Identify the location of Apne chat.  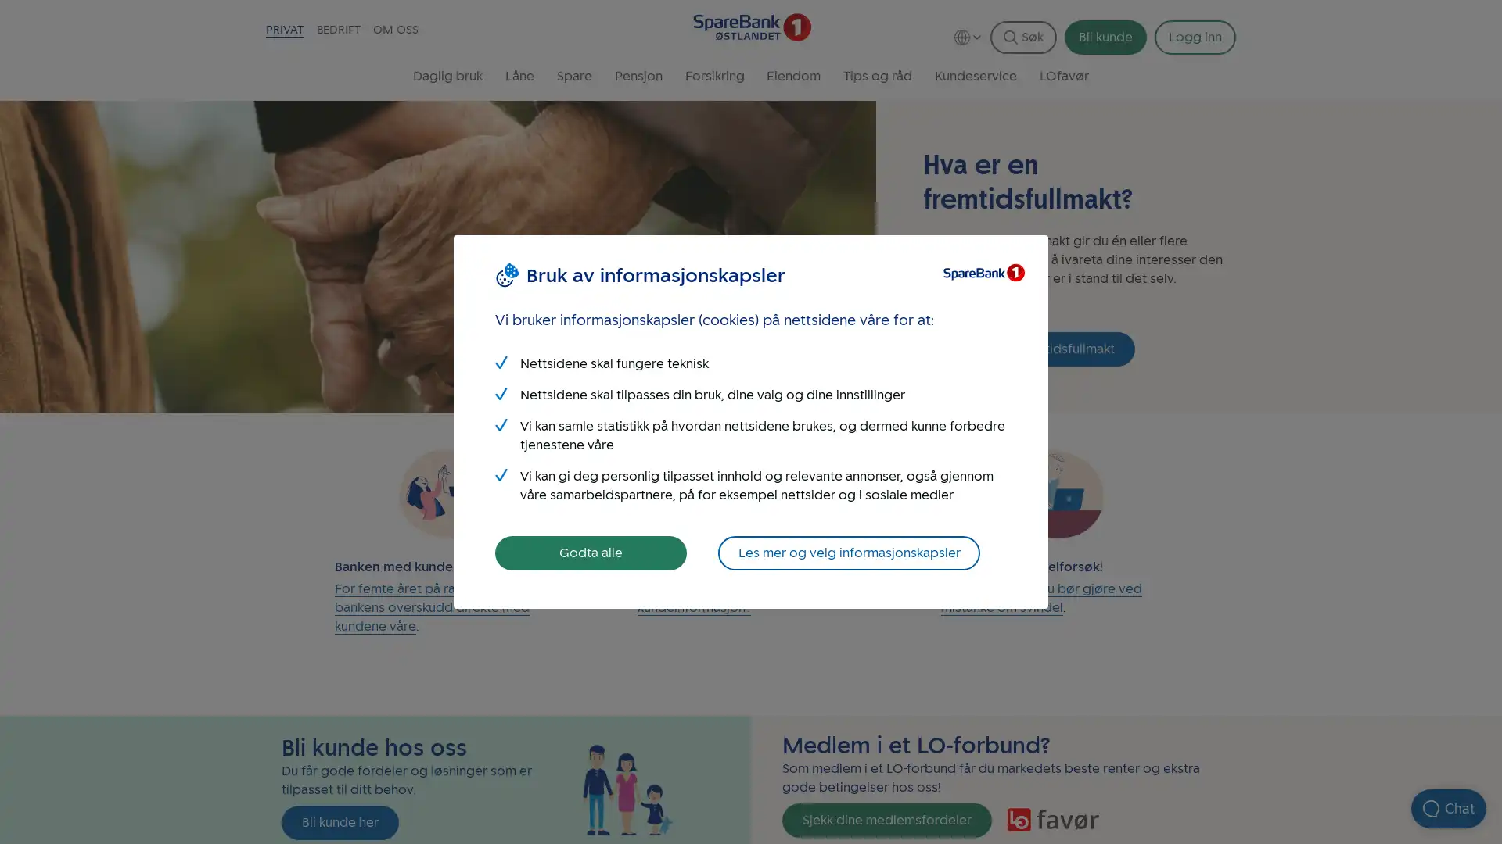
(1448, 808).